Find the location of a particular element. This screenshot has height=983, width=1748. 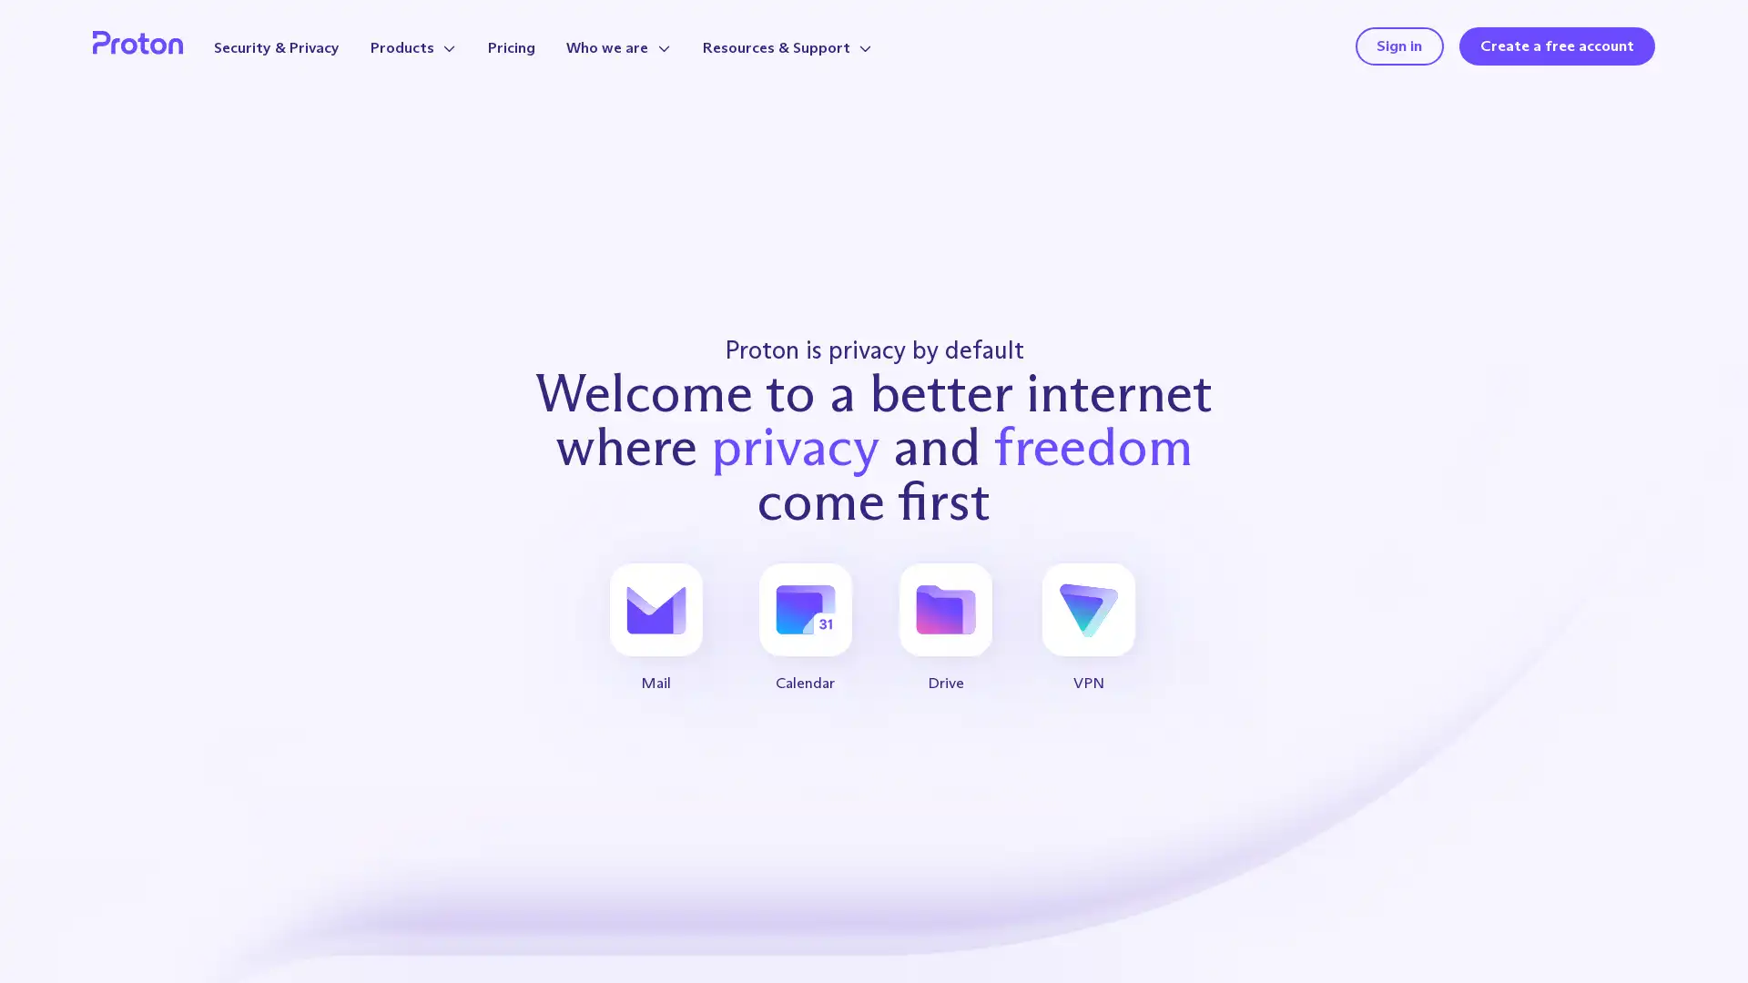

Who we are is located at coordinates (618, 46).